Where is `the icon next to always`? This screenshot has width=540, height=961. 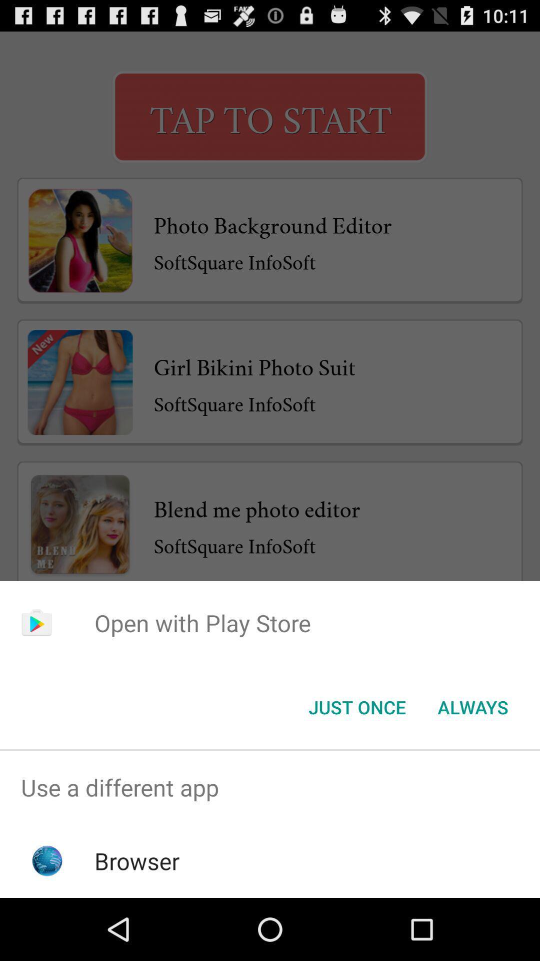 the icon next to always is located at coordinates (356, 706).